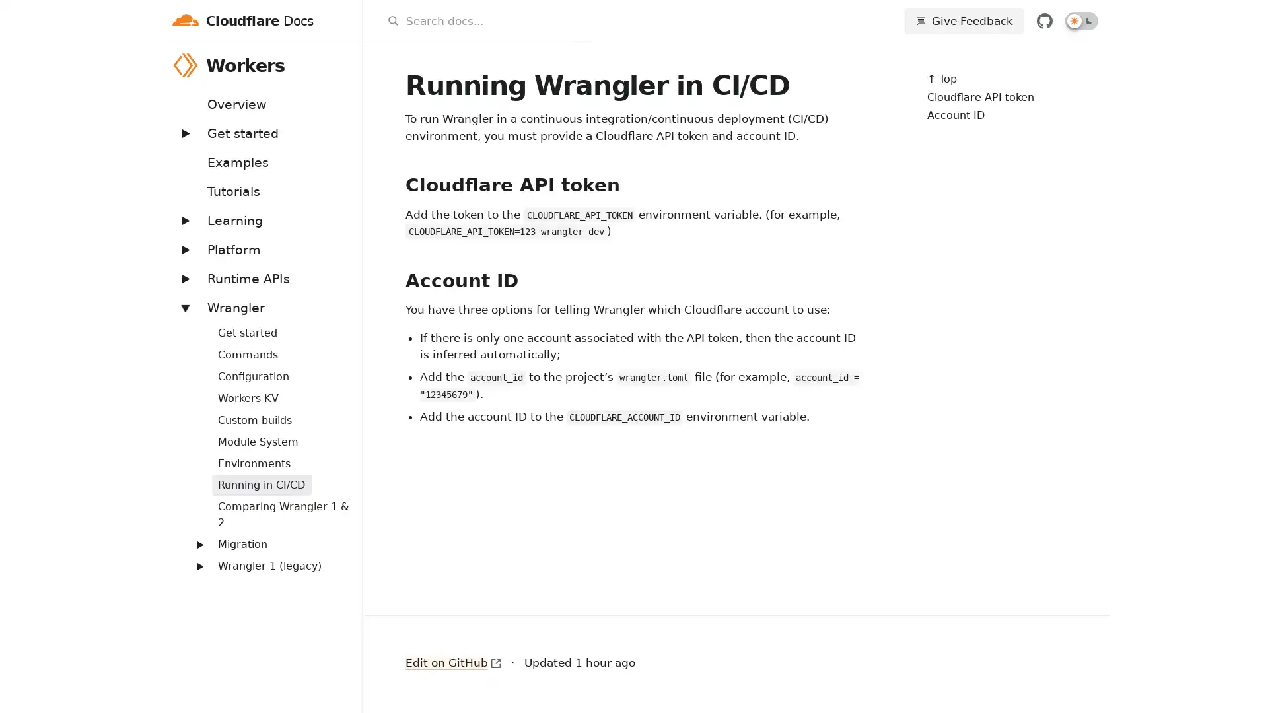 Image resolution: width=1268 pixels, height=713 pixels. I want to click on Expand: Runtime APIs, so click(184, 277).